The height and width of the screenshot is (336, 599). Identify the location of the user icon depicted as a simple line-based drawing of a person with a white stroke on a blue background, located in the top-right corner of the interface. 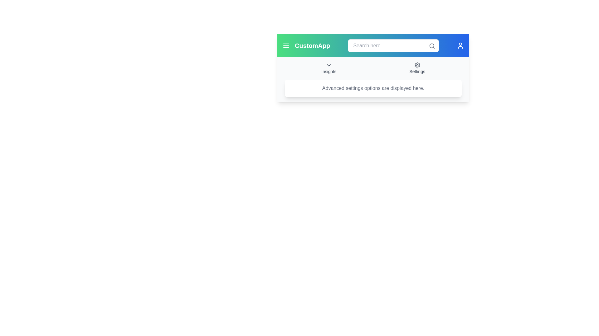
(460, 45).